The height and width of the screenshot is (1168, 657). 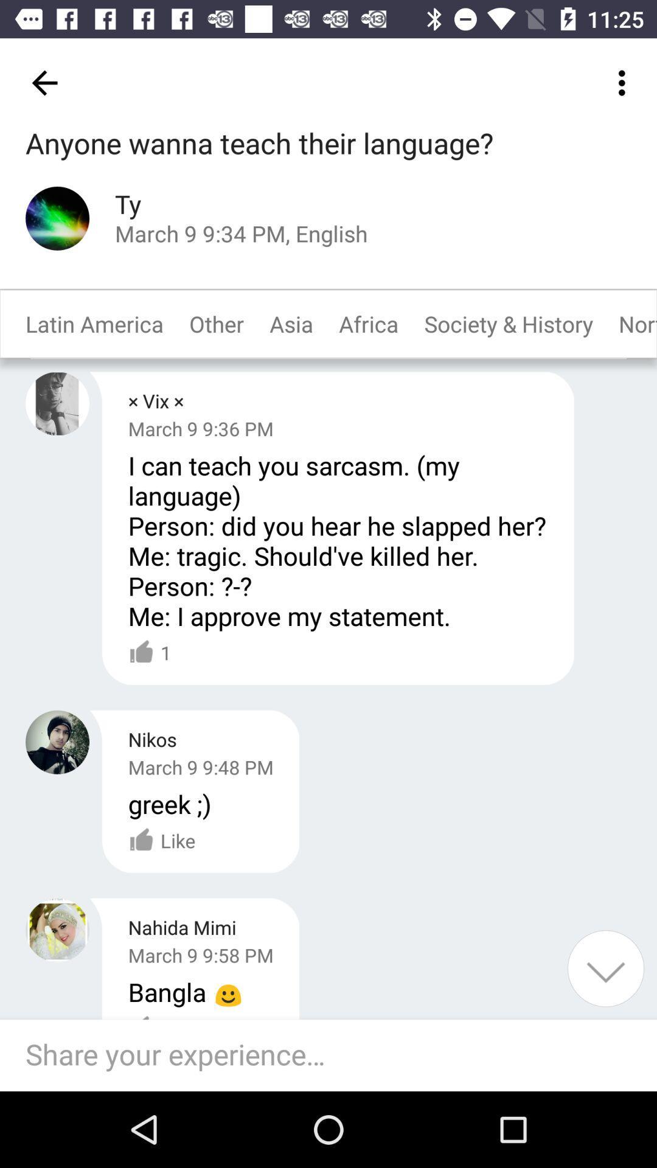 I want to click on share your experience, so click(x=335, y=1055).